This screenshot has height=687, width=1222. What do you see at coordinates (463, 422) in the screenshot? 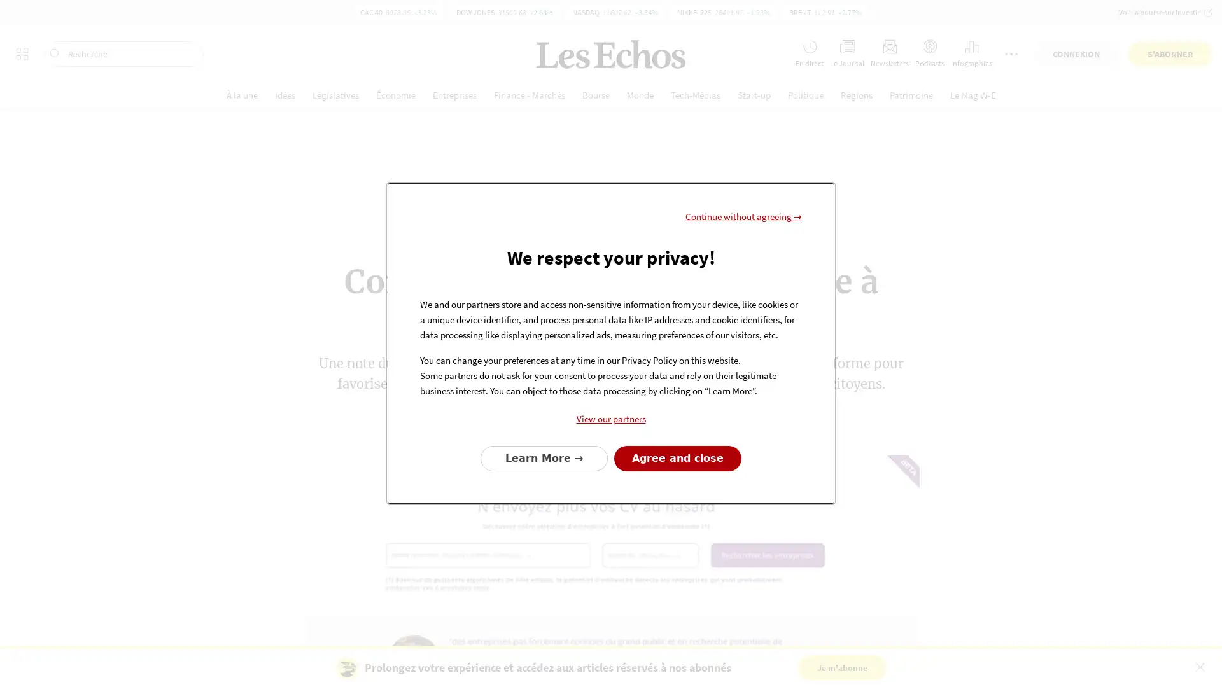
I see `Lire plus tard` at bounding box center [463, 422].